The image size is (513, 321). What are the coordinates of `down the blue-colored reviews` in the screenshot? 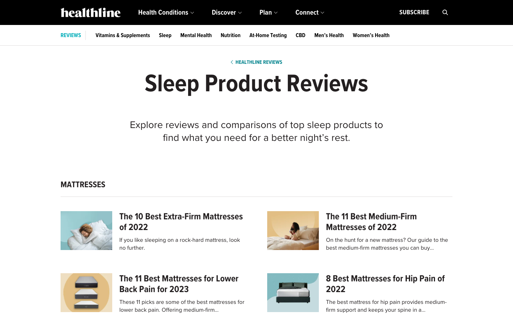 It's located at (71, 35).